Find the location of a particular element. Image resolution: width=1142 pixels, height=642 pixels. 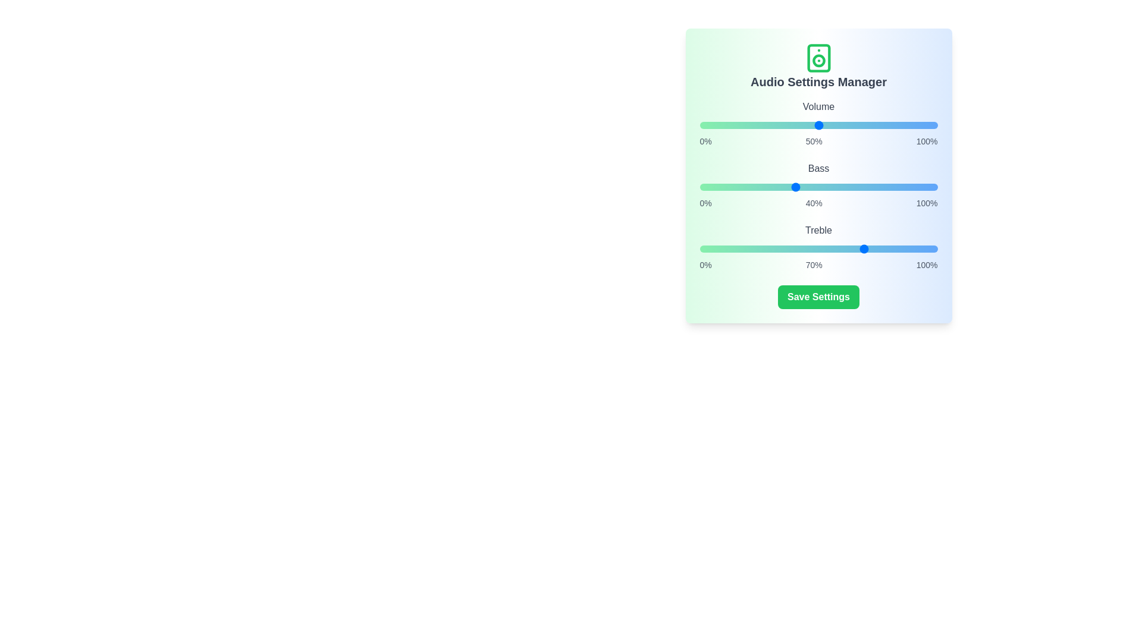

the volume slider to 93% is located at coordinates (920, 125).